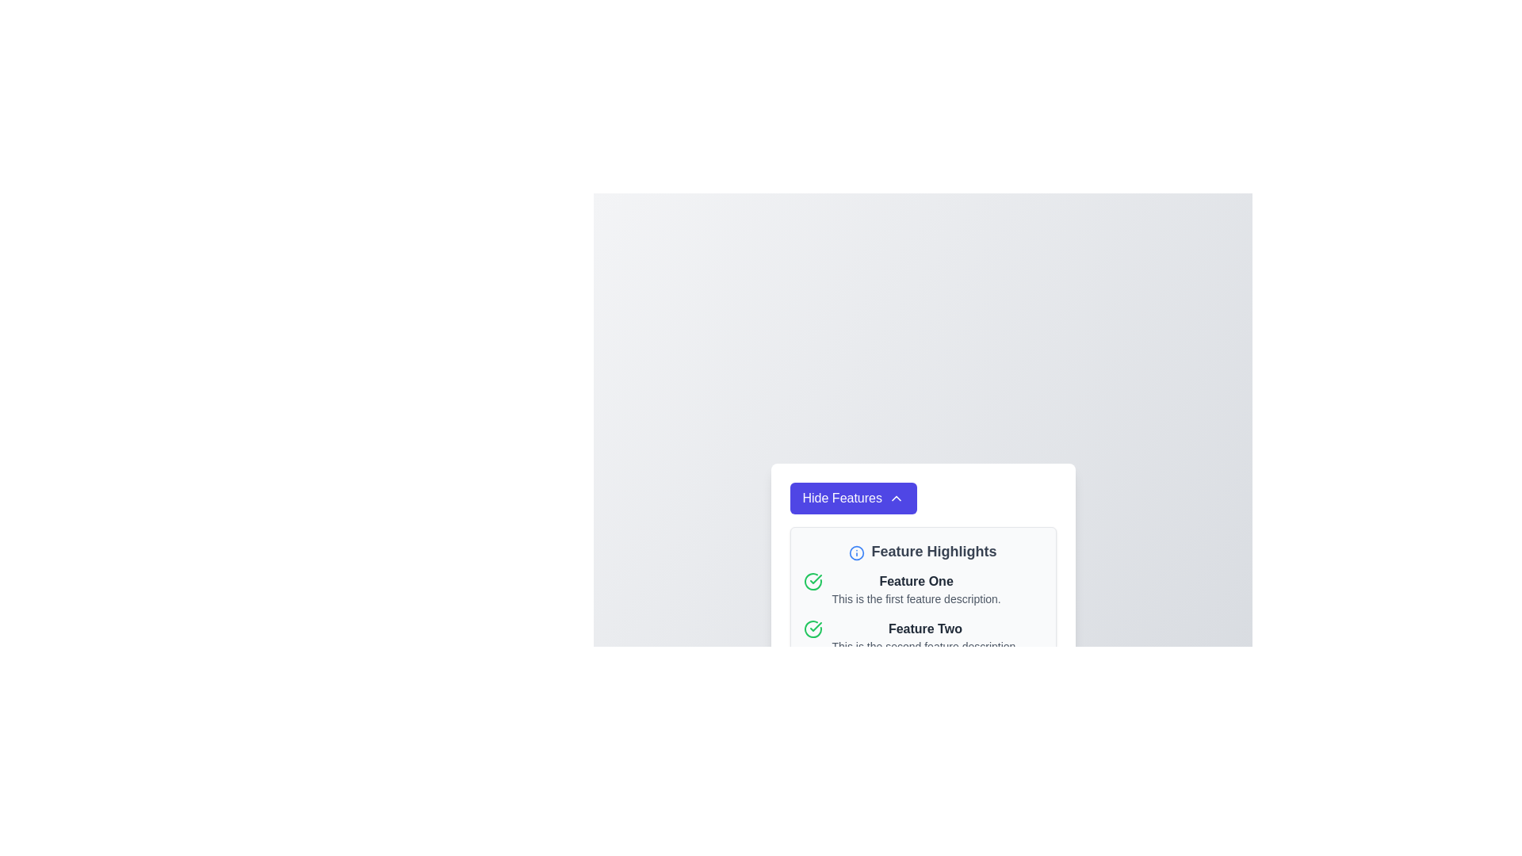 This screenshot has width=1522, height=856. What do you see at coordinates (923, 550) in the screenshot?
I see `header text label that introduces the section detailing various features, positioned below the 'Hide Features' button and aligned with other UI elements` at bounding box center [923, 550].